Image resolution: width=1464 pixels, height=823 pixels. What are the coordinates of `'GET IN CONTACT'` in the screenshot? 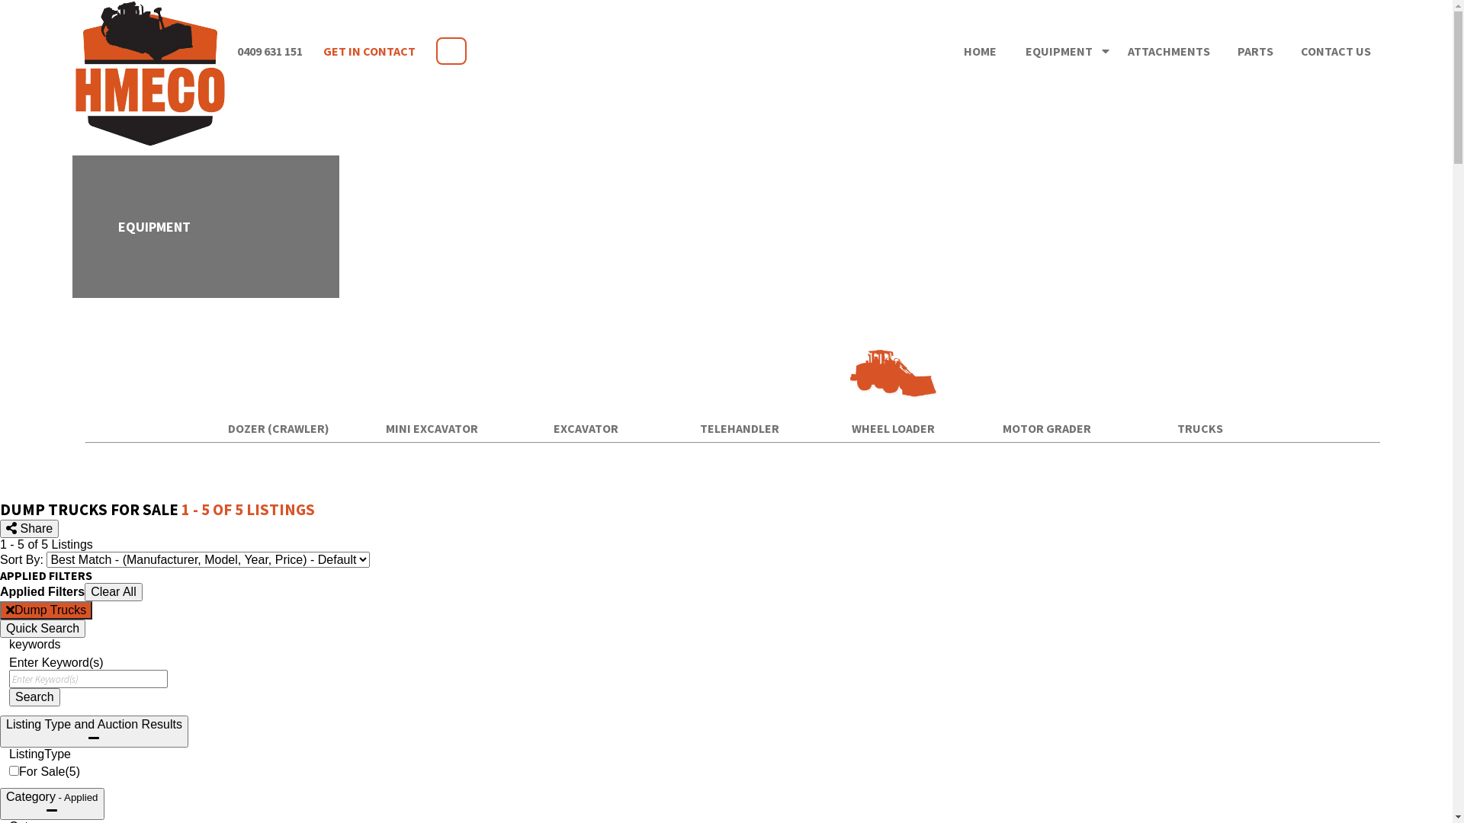 It's located at (369, 50).